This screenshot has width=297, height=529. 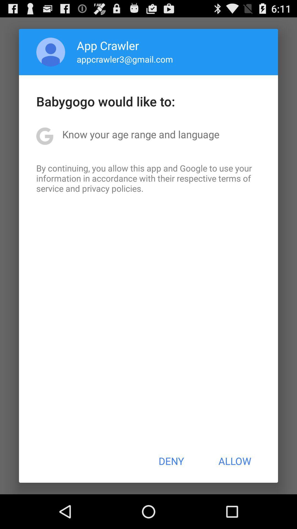 What do you see at coordinates (108, 45) in the screenshot?
I see `app crawler` at bounding box center [108, 45].